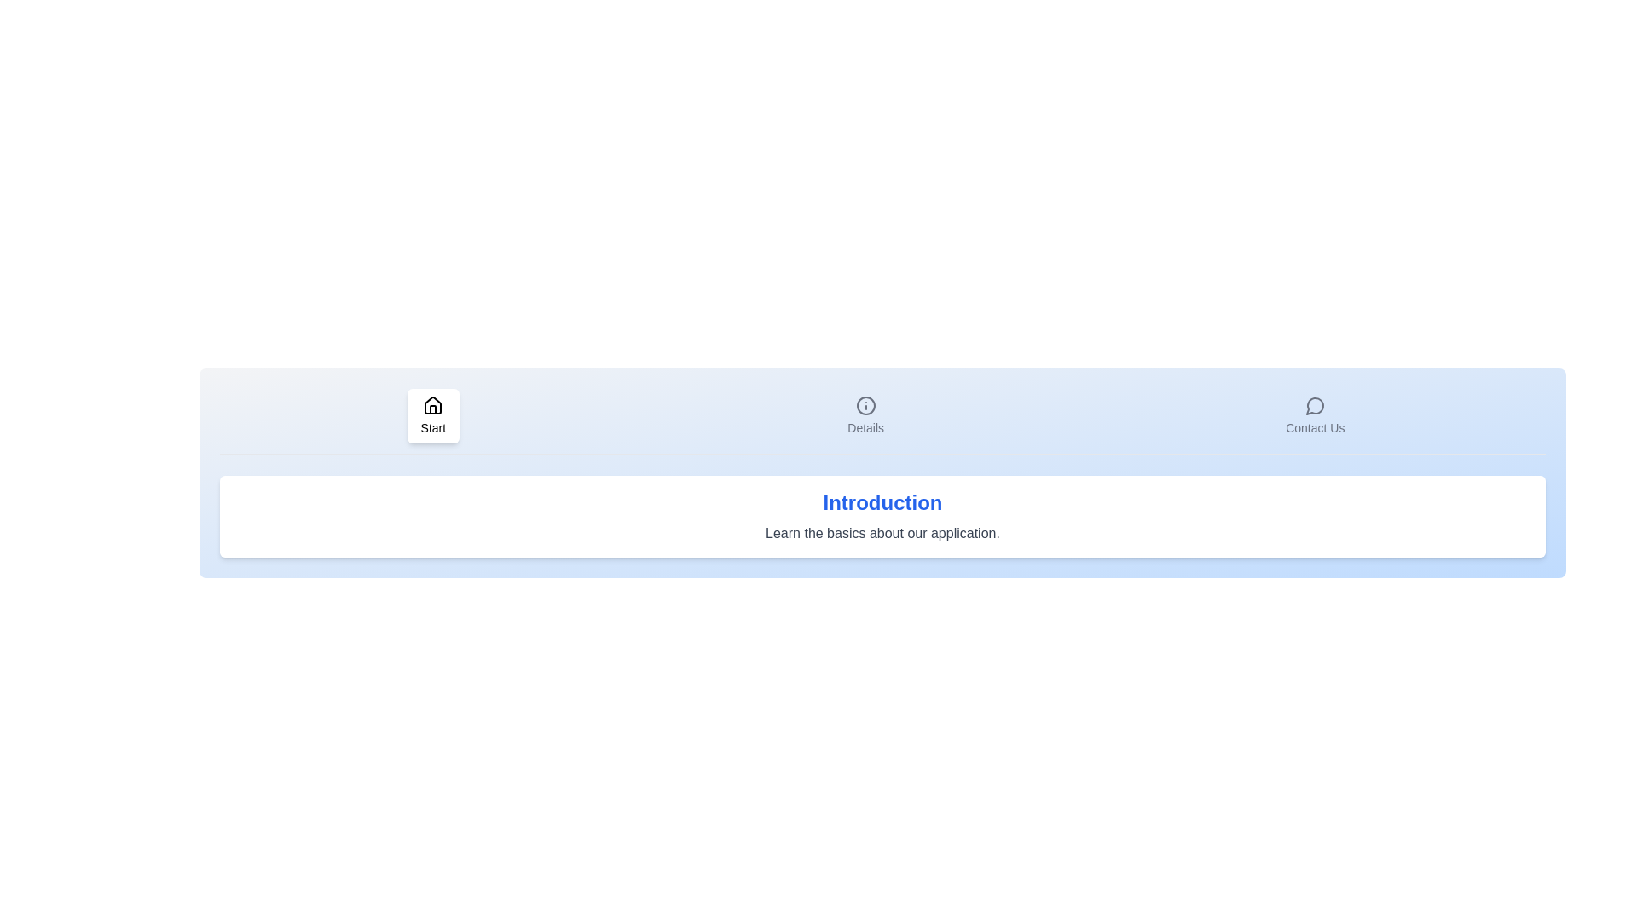 Image resolution: width=1637 pixels, height=921 pixels. Describe the element at coordinates (1314, 416) in the screenshot. I see `the icon of the Contact Us tab to activate it` at that location.